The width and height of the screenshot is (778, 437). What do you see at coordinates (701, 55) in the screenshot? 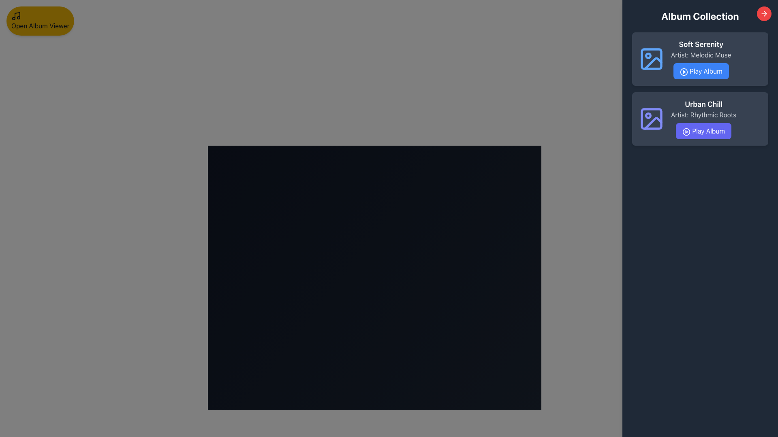
I see `the text label displaying 'Artist: Melodic Muse' located below the title 'Soft Serenity' in the first card of the right-hand panel under the header 'Album Collection'` at bounding box center [701, 55].